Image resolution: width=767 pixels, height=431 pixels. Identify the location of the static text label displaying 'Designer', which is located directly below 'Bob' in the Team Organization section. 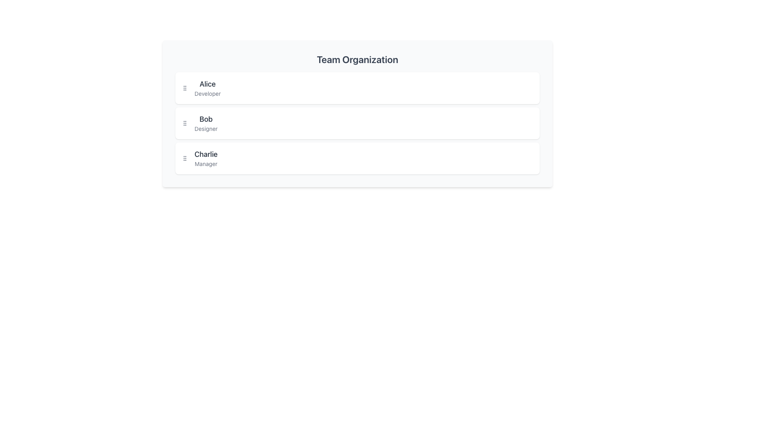
(206, 129).